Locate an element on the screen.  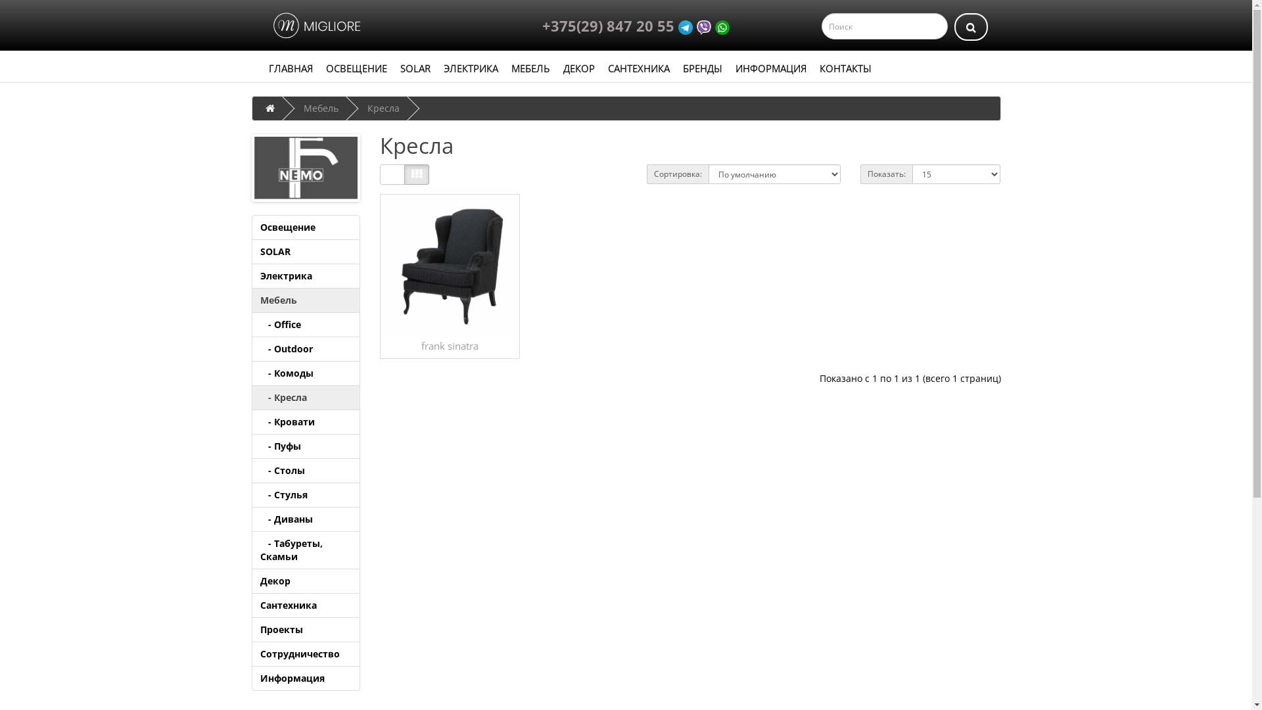
'SOLAR' is located at coordinates (413, 68).